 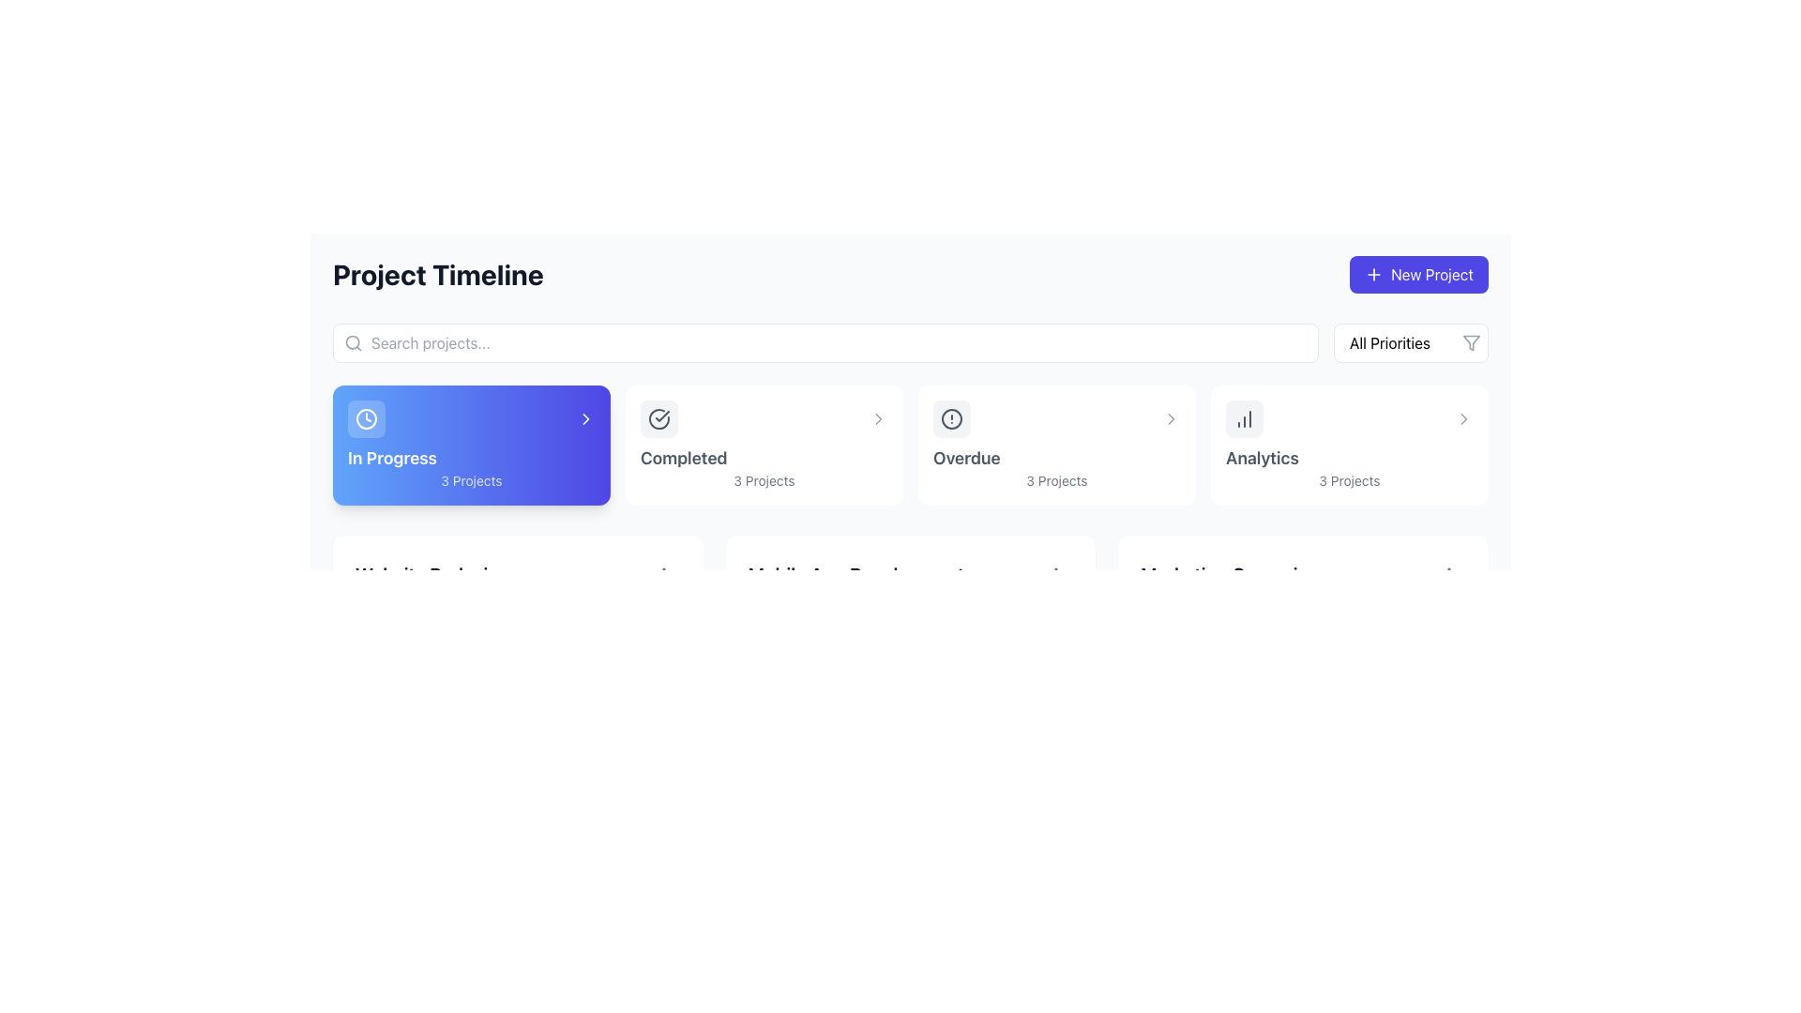 What do you see at coordinates (1244, 418) in the screenshot?
I see `the bar chart icon within the 'Analytics' card, which is the fourth card from the left in a row of similar cards` at bounding box center [1244, 418].